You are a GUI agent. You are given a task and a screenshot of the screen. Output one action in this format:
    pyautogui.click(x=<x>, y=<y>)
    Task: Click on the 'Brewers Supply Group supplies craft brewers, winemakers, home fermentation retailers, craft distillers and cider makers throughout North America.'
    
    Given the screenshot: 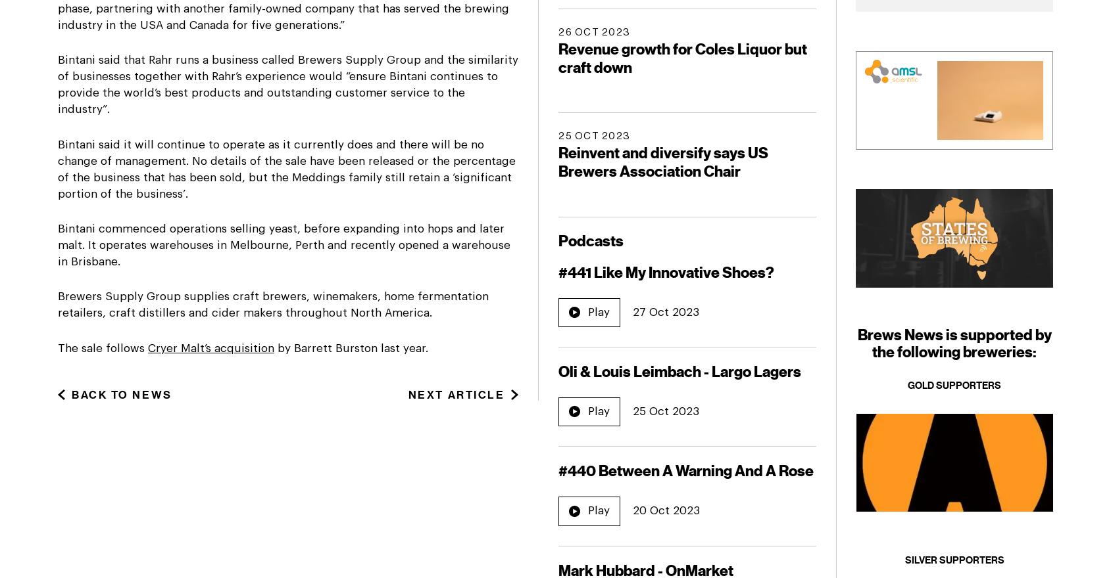 What is the action you would take?
    pyautogui.click(x=272, y=304)
    